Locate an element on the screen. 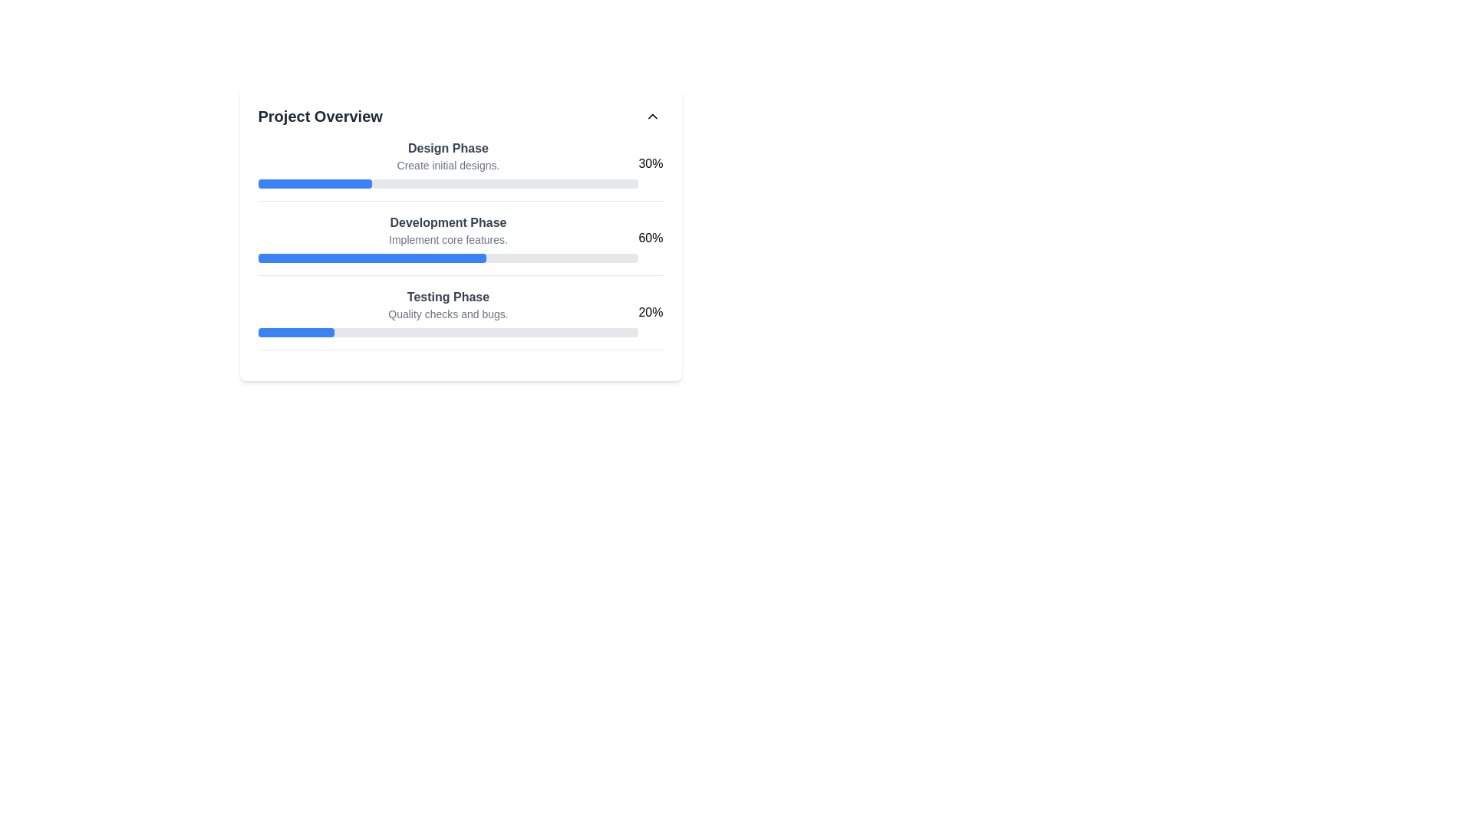  the 'Development Phase' text label in the project timeline is located at coordinates (447, 238).